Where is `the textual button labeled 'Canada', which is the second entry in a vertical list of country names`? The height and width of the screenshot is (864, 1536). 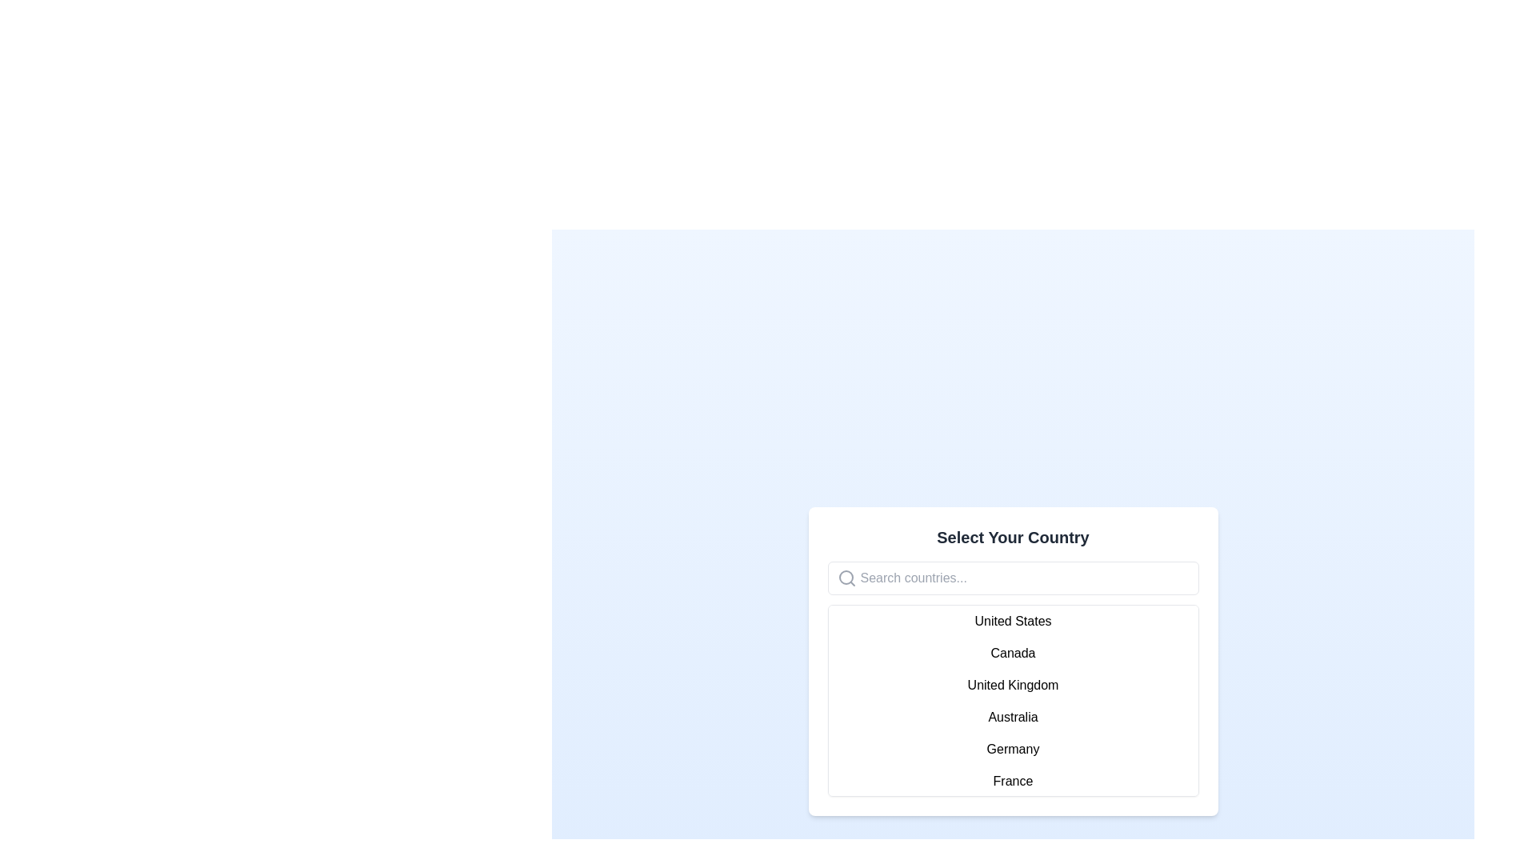 the textual button labeled 'Canada', which is the second entry in a vertical list of country names is located at coordinates (1012, 654).